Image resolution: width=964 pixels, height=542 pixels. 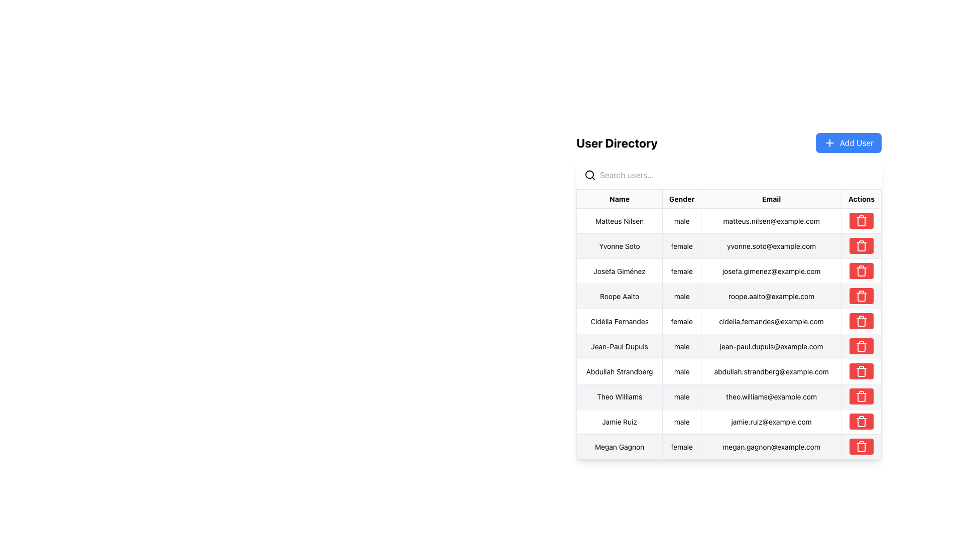 I want to click on the red rounded button with a white trash icon in the 'Actions' column for the user 'Jamie Ruiz' to initiate the delete action for that user record, so click(x=861, y=422).